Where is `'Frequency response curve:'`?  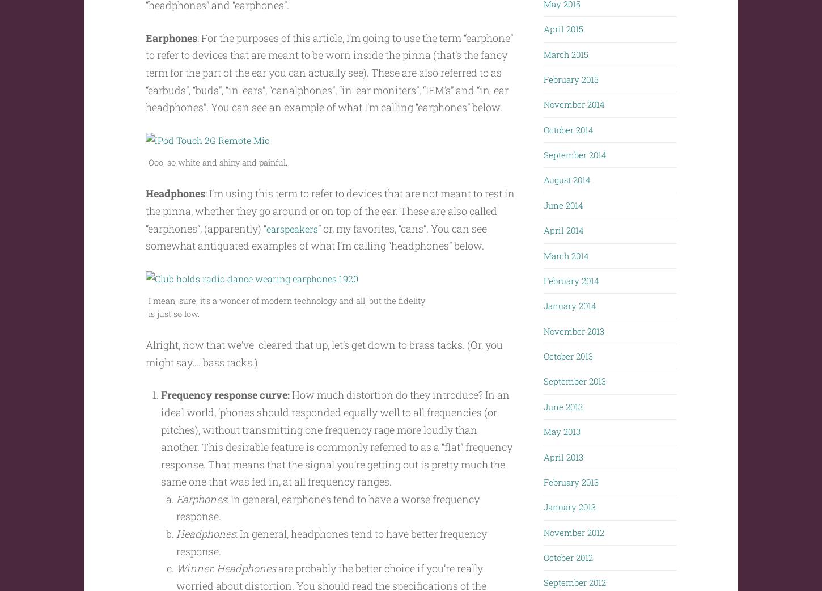
'Frequency response curve:' is located at coordinates (225, 416).